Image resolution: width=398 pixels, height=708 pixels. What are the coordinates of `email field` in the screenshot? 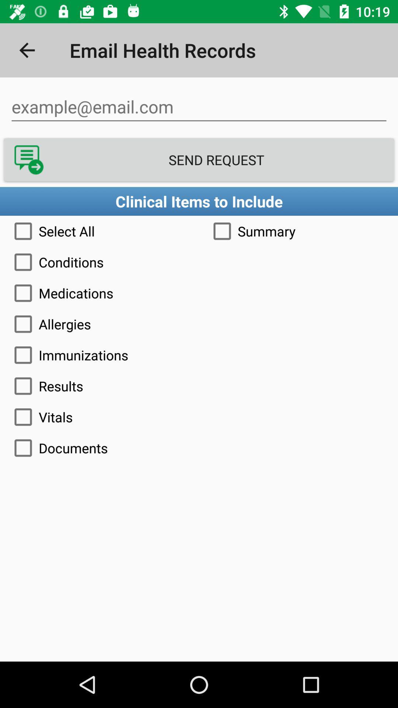 It's located at (199, 107).